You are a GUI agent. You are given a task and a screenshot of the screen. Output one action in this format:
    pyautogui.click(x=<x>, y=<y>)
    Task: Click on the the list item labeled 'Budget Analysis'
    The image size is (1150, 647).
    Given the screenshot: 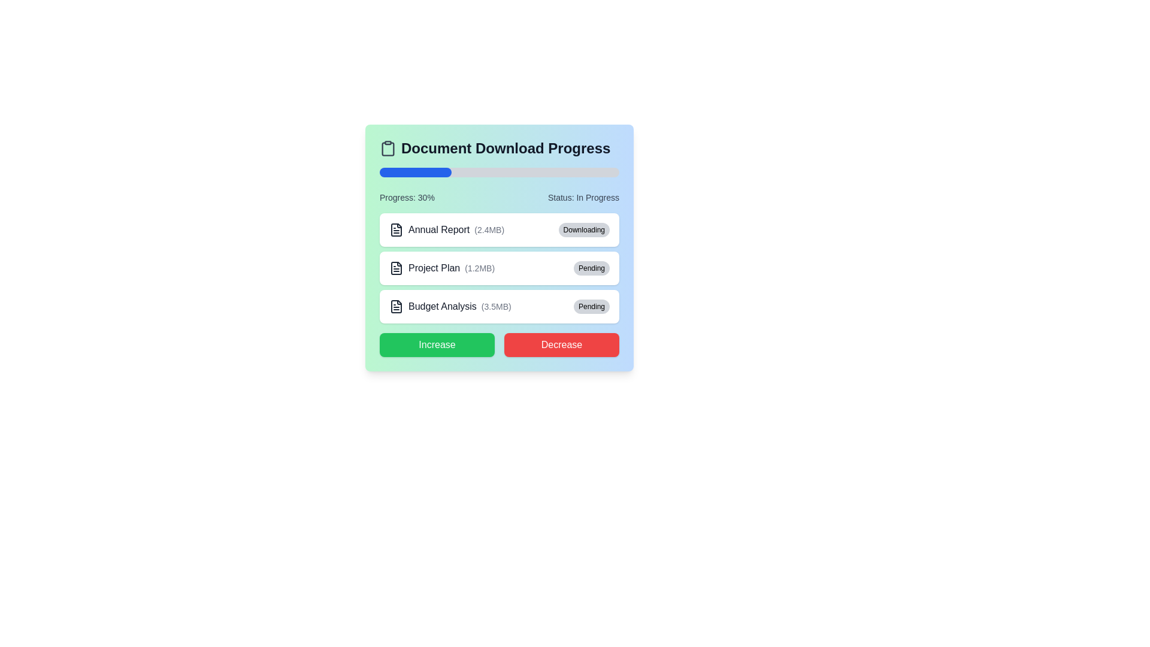 What is the action you would take?
    pyautogui.click(x=449, y=306)
    